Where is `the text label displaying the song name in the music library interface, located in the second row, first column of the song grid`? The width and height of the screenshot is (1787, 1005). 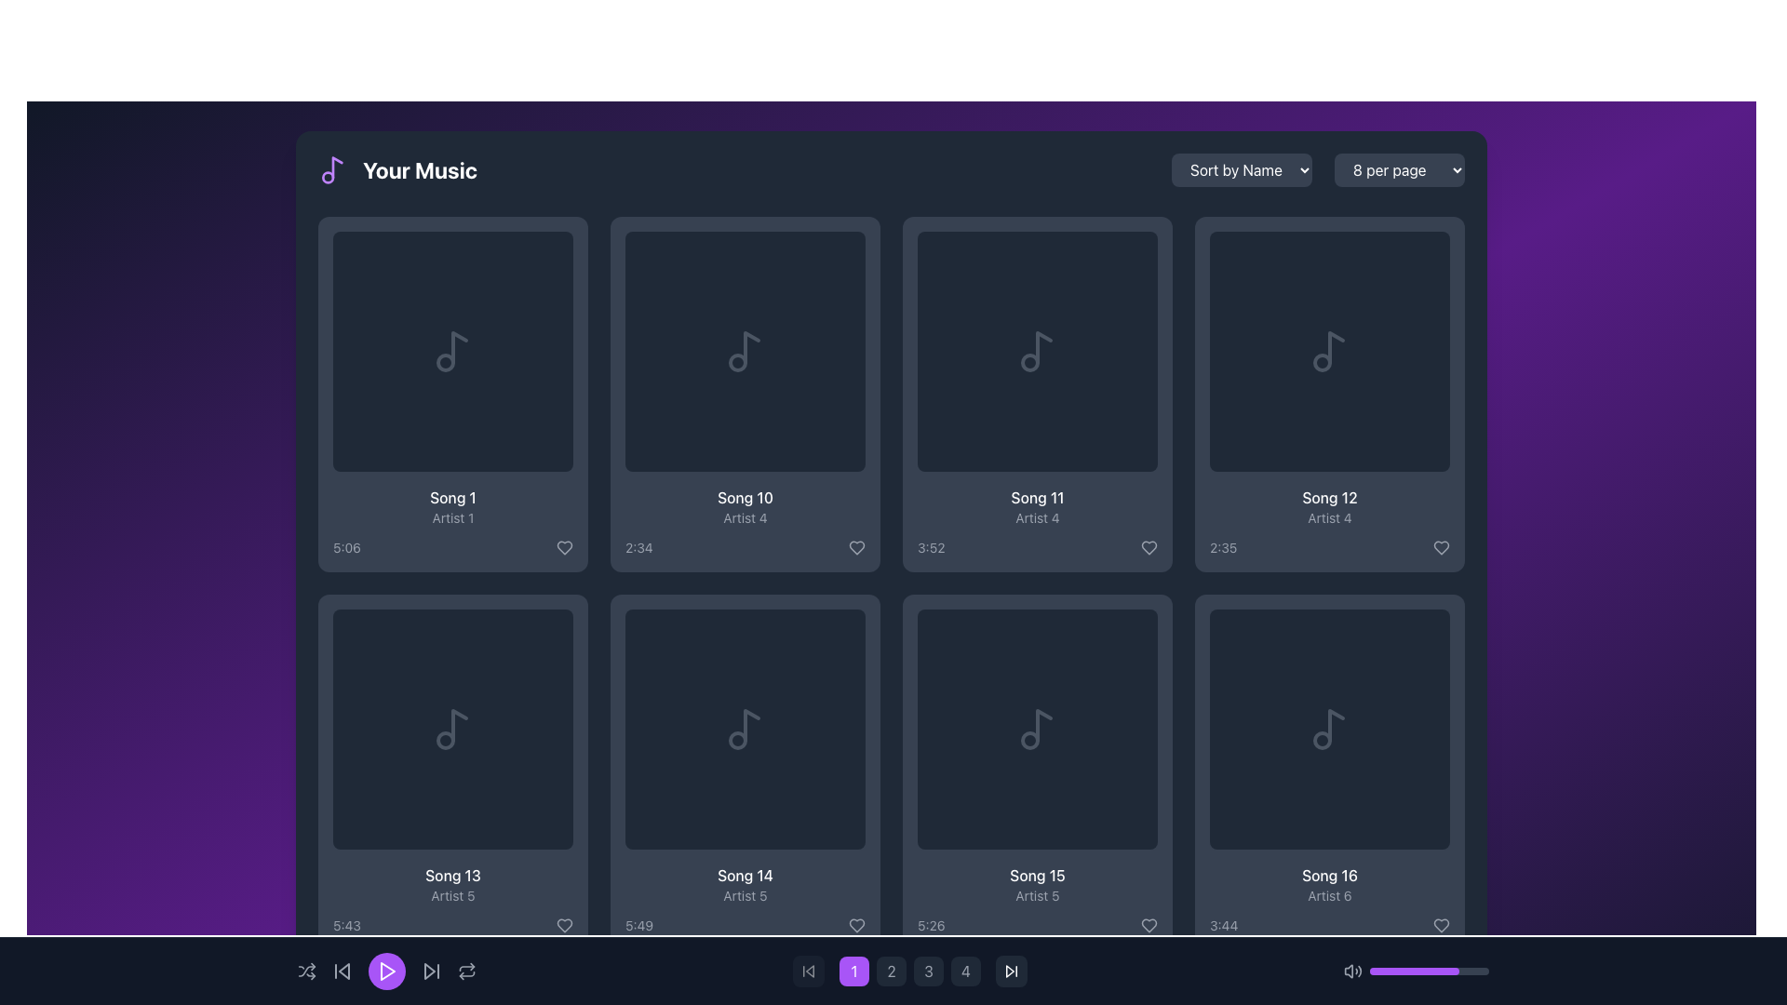 the text label displaying the song name in the music library interface, located in the second row, first column of the song grid is located at coordinates (452, 876).